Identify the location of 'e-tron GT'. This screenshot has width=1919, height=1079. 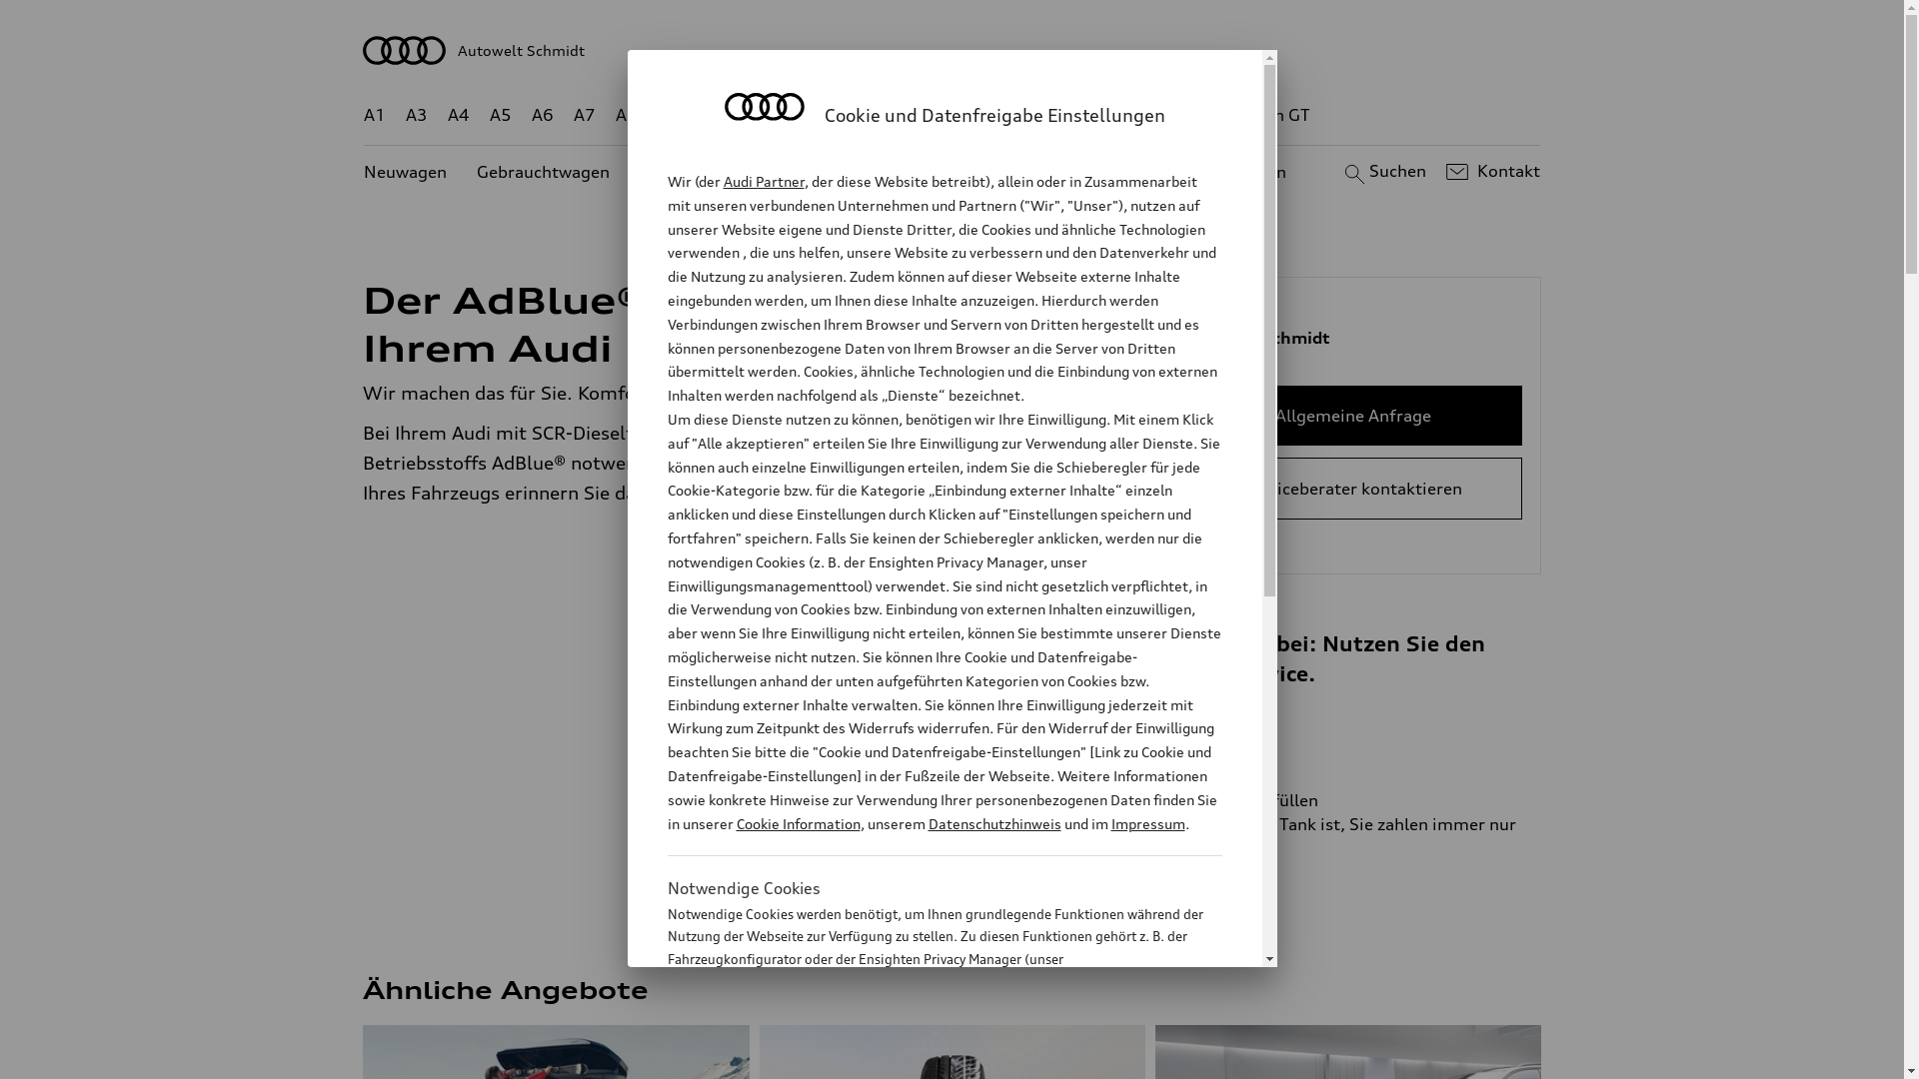
(1234, 115).